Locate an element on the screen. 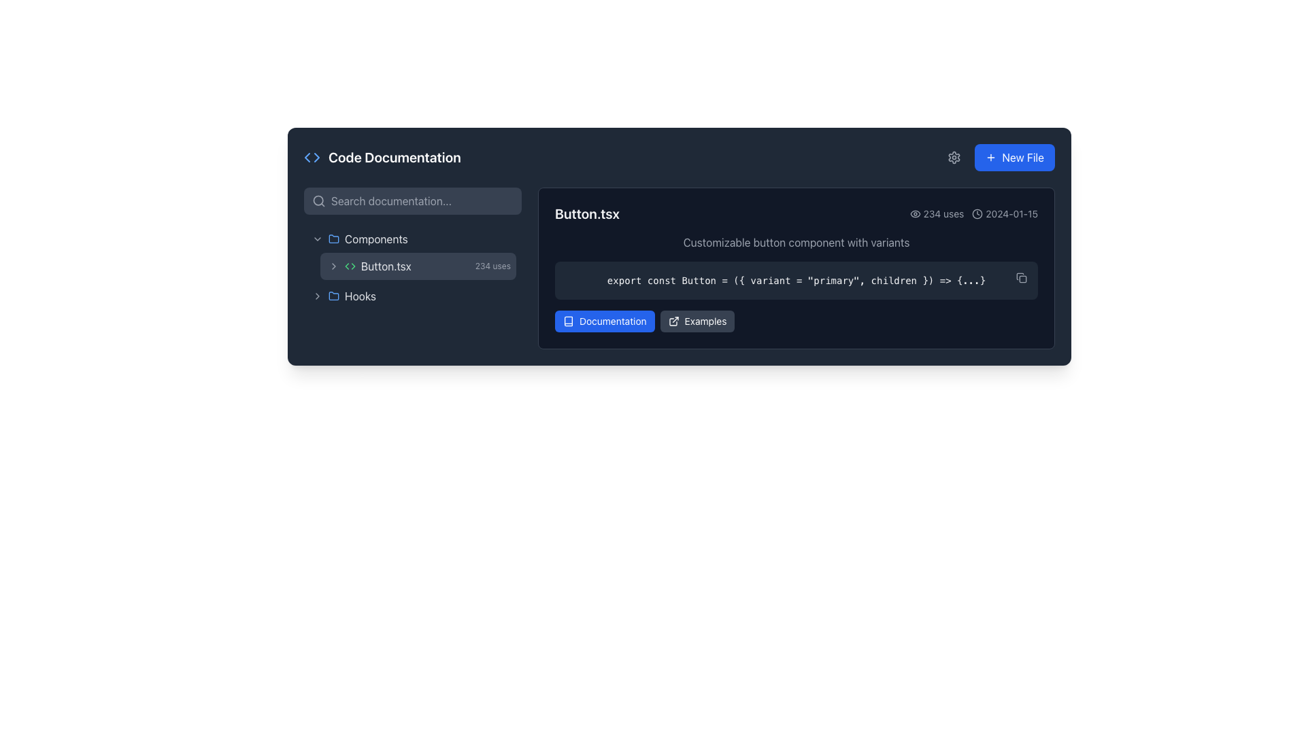 This screenshot has width=1306, height=734. the eye icon located in the upper right vicinity of the panel titled 'Button.tsx' is located at coordinates (915, 214).